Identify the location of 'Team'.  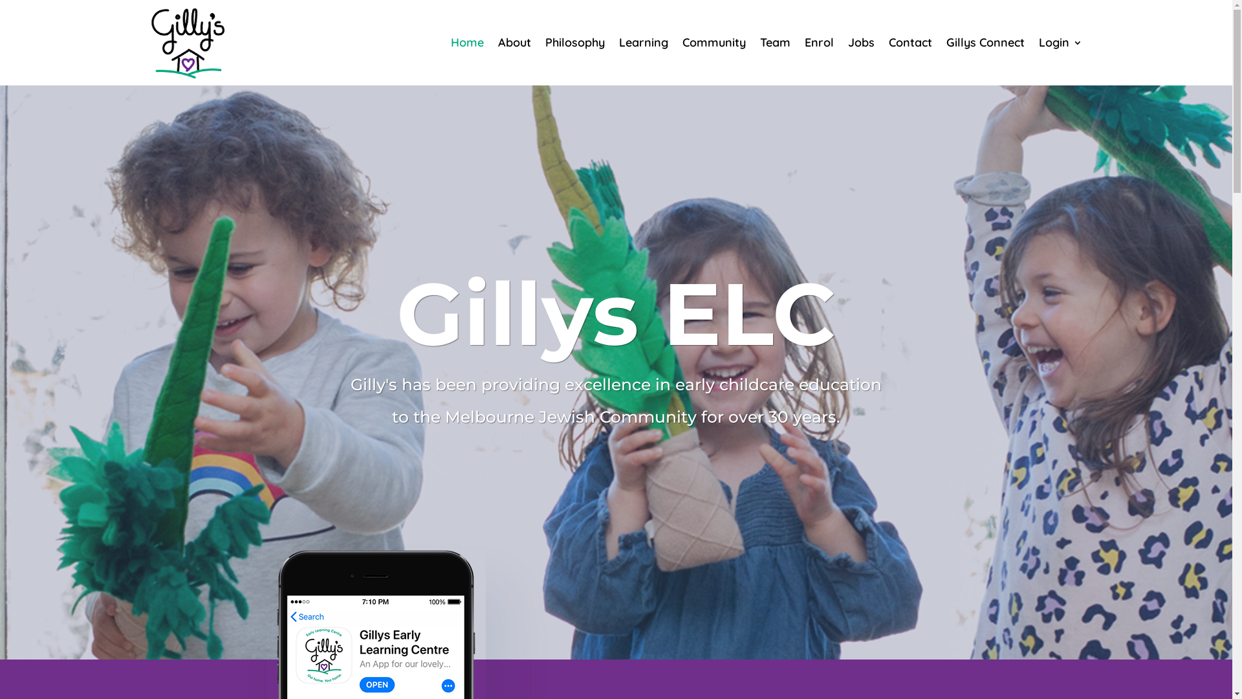
(774, 41).